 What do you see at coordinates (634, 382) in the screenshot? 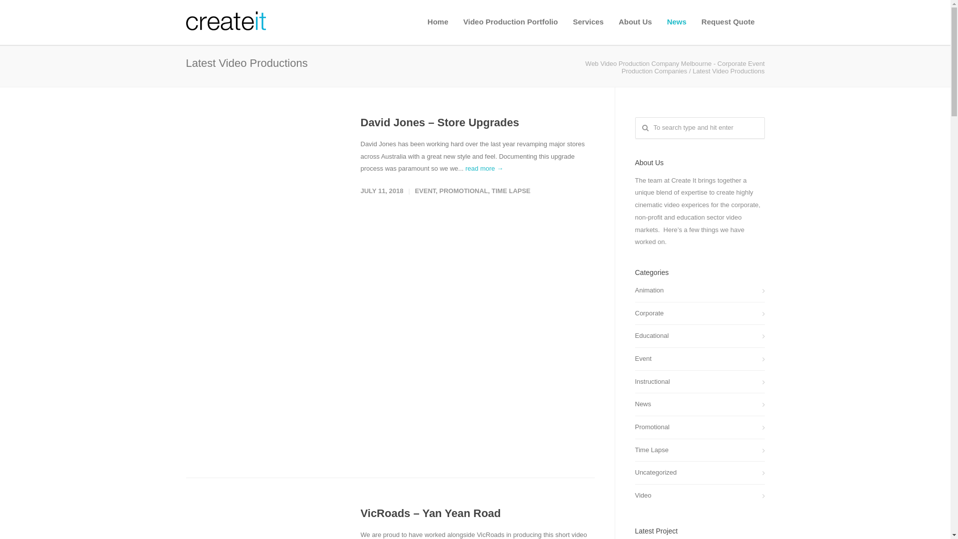
I see `'Instructional'` at bounding box center [634, 382].